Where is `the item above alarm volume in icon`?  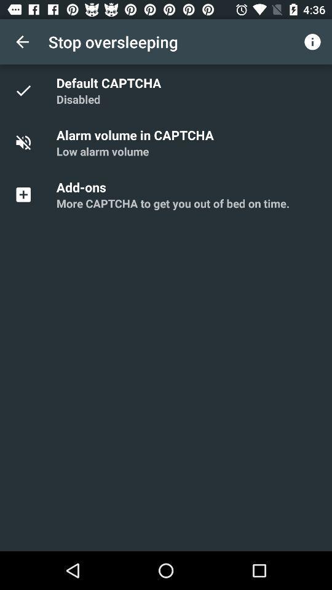
the item above alarm volume in icon is located at coordinates (78, 98).